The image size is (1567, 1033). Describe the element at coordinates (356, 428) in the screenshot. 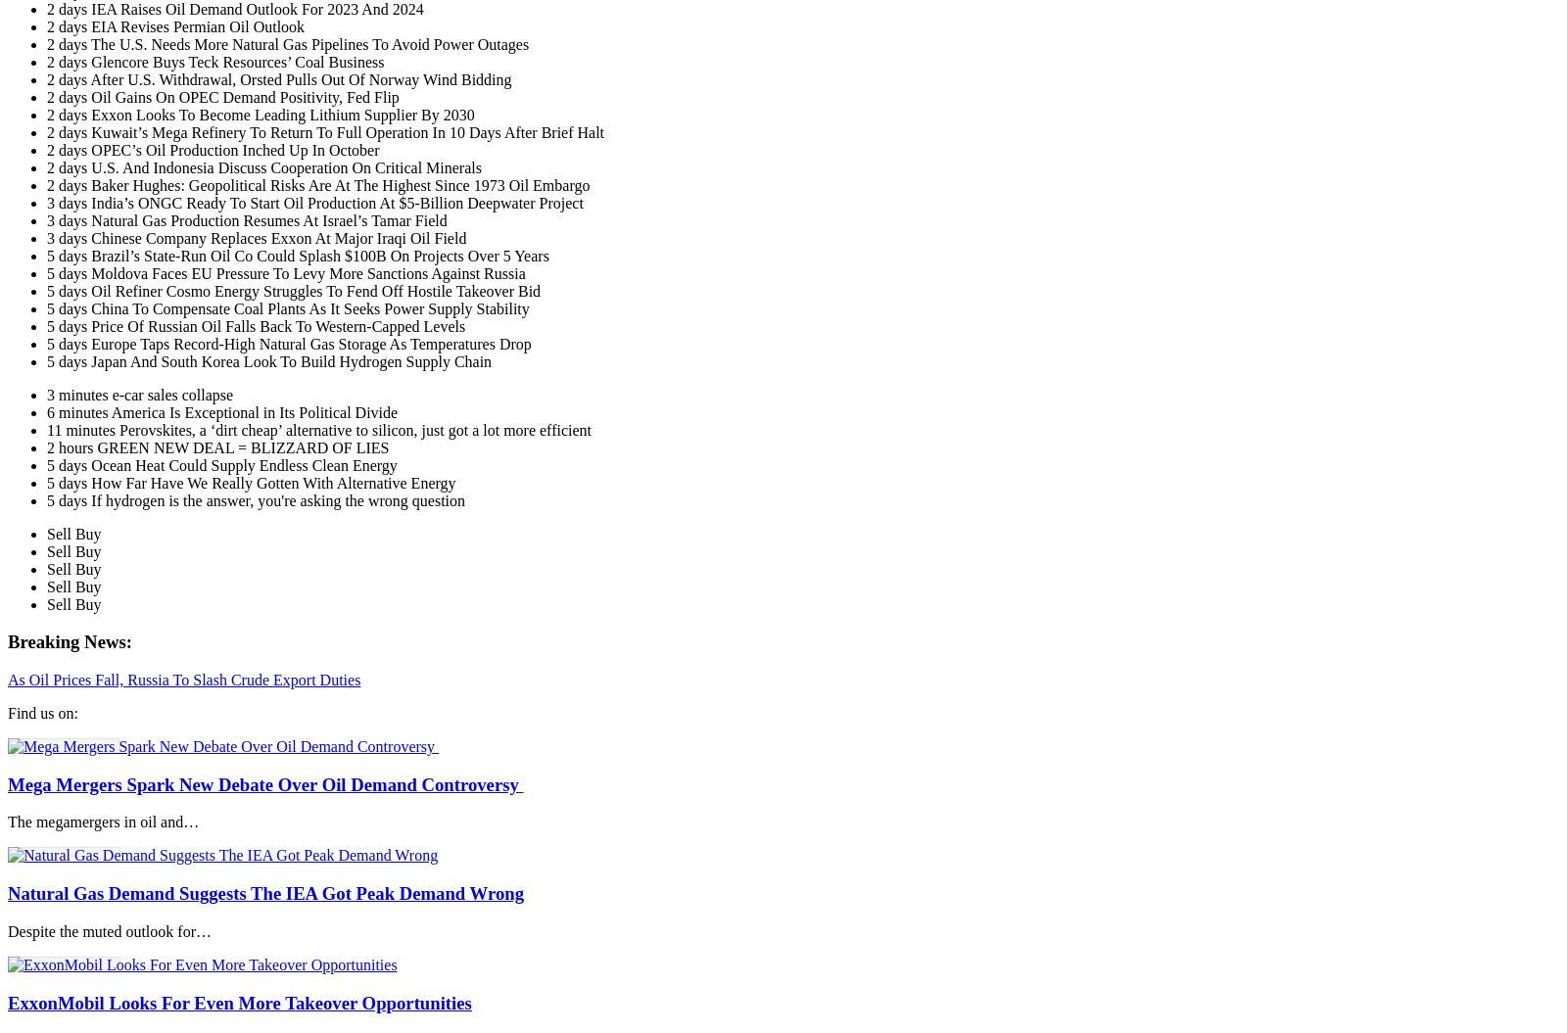

I see `'Perovskites, a ‘dirt cheap’ alternative to silicon, just got a lot more efficient'` at that location.